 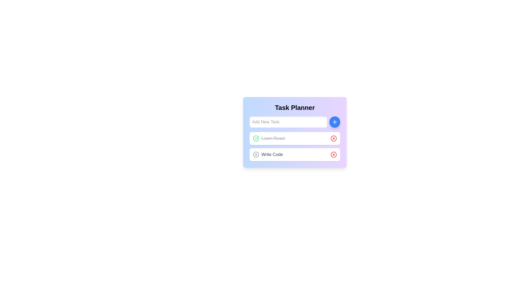 I want to click on the circular button that allows users to add a new task, located in the header section of the task planning card, so click(x=335, y=122).